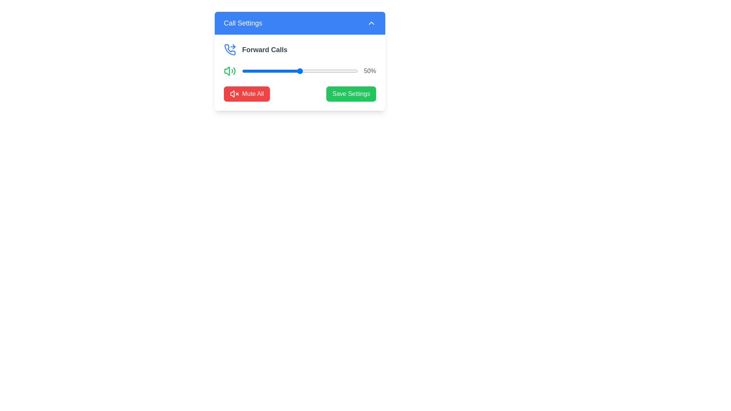 The width and height of the screenshot is (731, 411). I want to click on the slider, so click(306, 71).